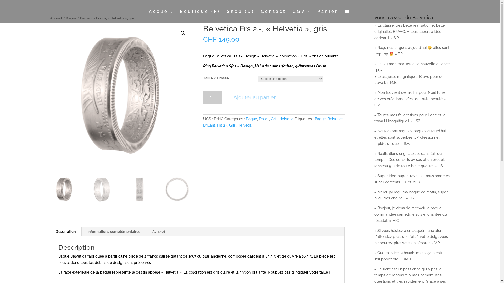 The image size is (504, 283). I want to click on 'Boutique (F)', so click(199, 16).